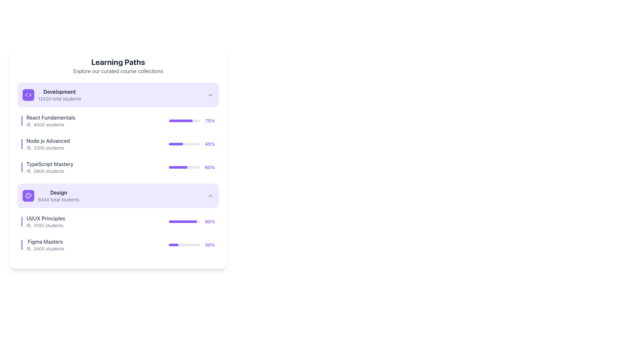  What do you see at coordinates (48, 148) in the screenshot?
I see `the text indicating '3200 students' with an accompanying user group icon located in the 'Development' section under the 'Node.js Advanced' course listing` at bounding box center [48, 148].